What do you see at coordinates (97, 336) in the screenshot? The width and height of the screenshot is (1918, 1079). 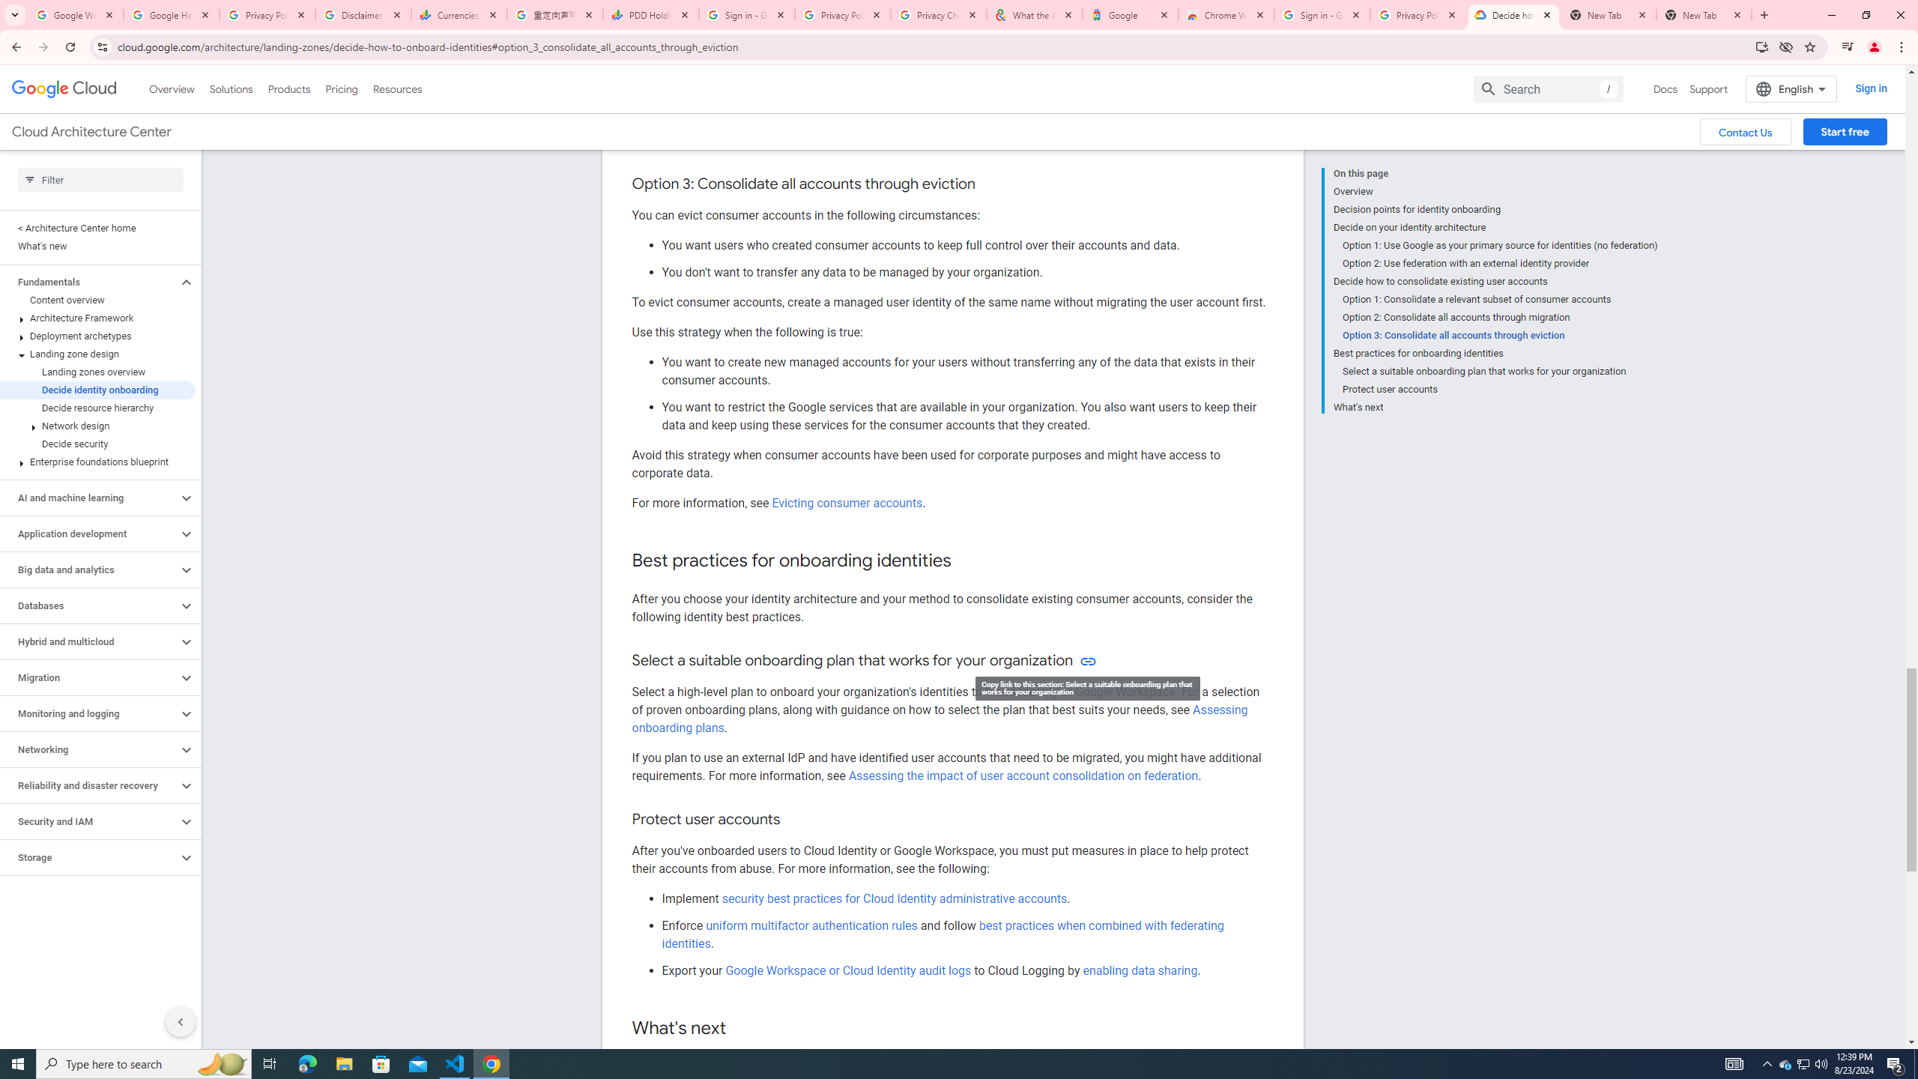 I see `'Deployment archetypes'` at bounding box center [97, 336].